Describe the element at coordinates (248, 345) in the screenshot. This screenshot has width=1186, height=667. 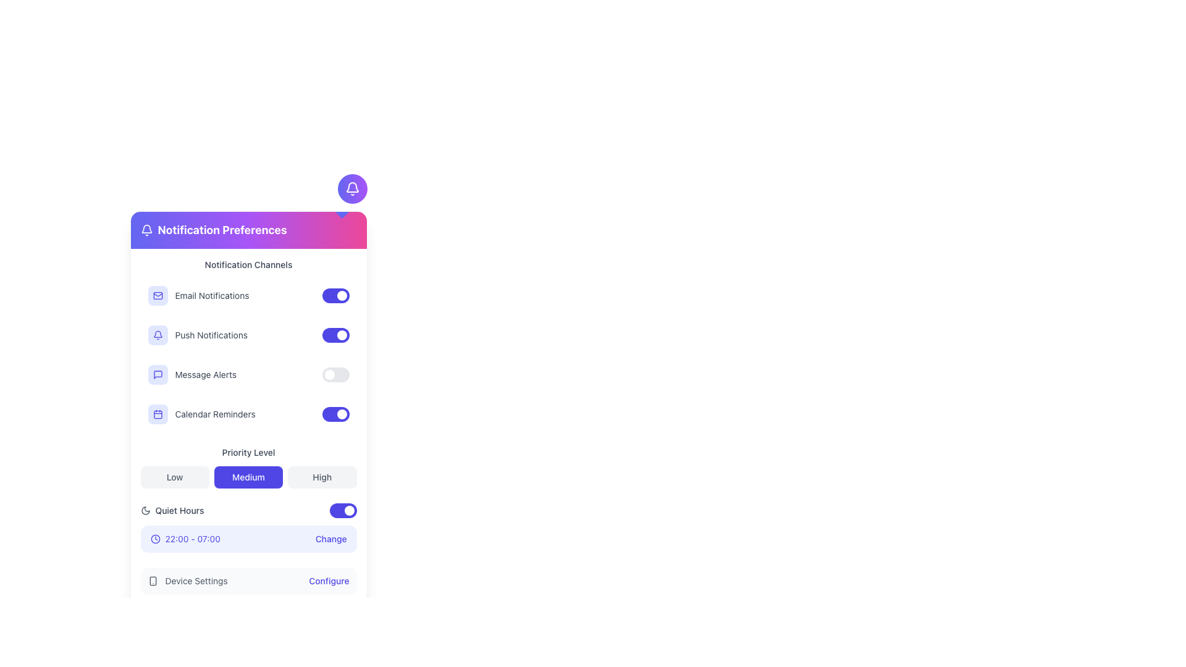
I see `the toggle within the 'Notification Channels' section` at that location.